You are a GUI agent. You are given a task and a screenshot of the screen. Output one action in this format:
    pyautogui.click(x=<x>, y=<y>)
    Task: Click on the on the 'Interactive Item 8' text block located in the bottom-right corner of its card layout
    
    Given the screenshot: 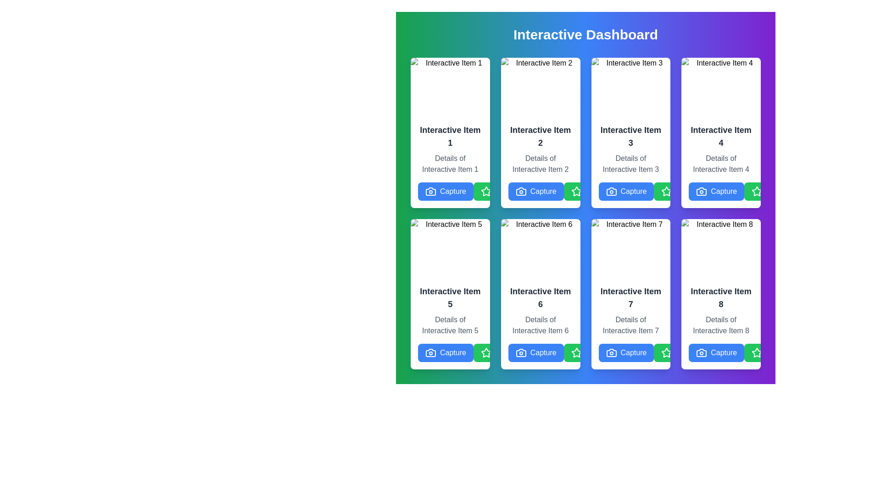 What is the action you would take?
    pyautogui.click(x=720, y=323)
    